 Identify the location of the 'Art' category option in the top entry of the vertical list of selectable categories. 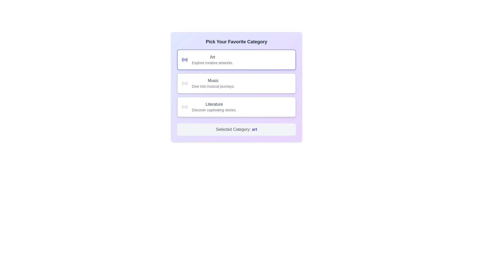
(212, 59).